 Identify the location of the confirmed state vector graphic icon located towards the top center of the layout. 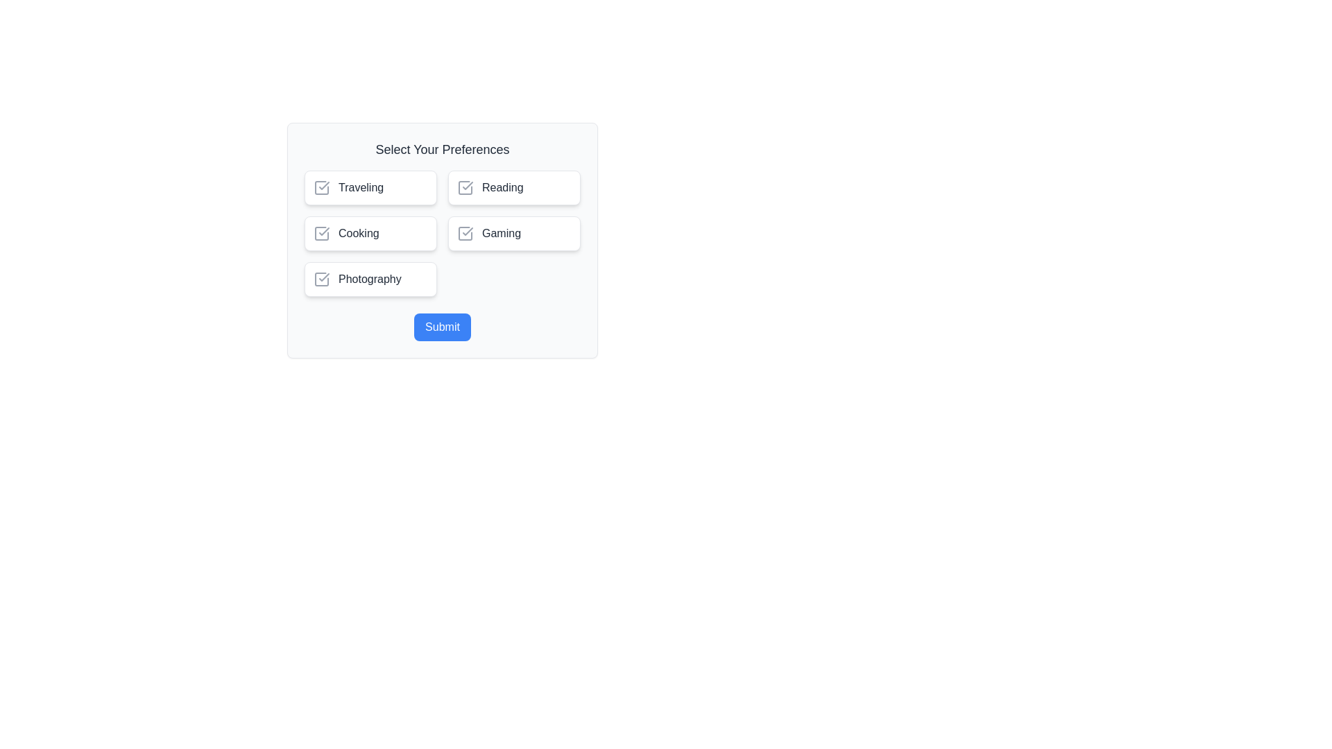
(323, 184).